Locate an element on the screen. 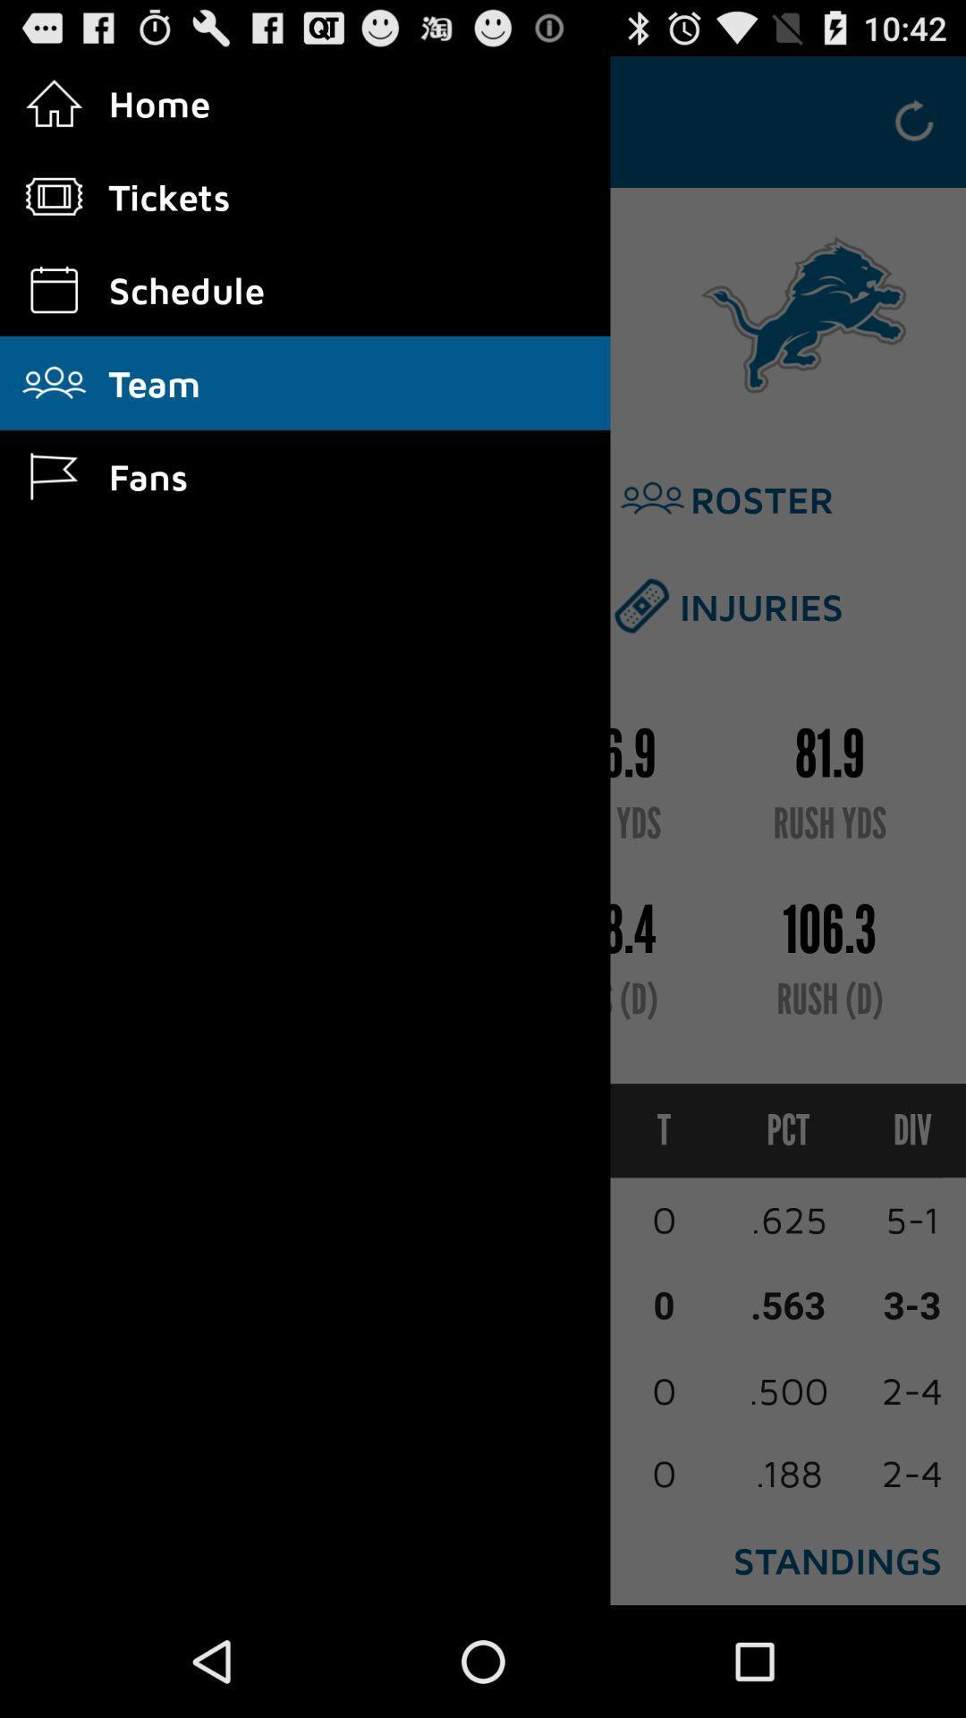 This screenshot has height=1718, width=966. div is located at coordinates (896, 1129).